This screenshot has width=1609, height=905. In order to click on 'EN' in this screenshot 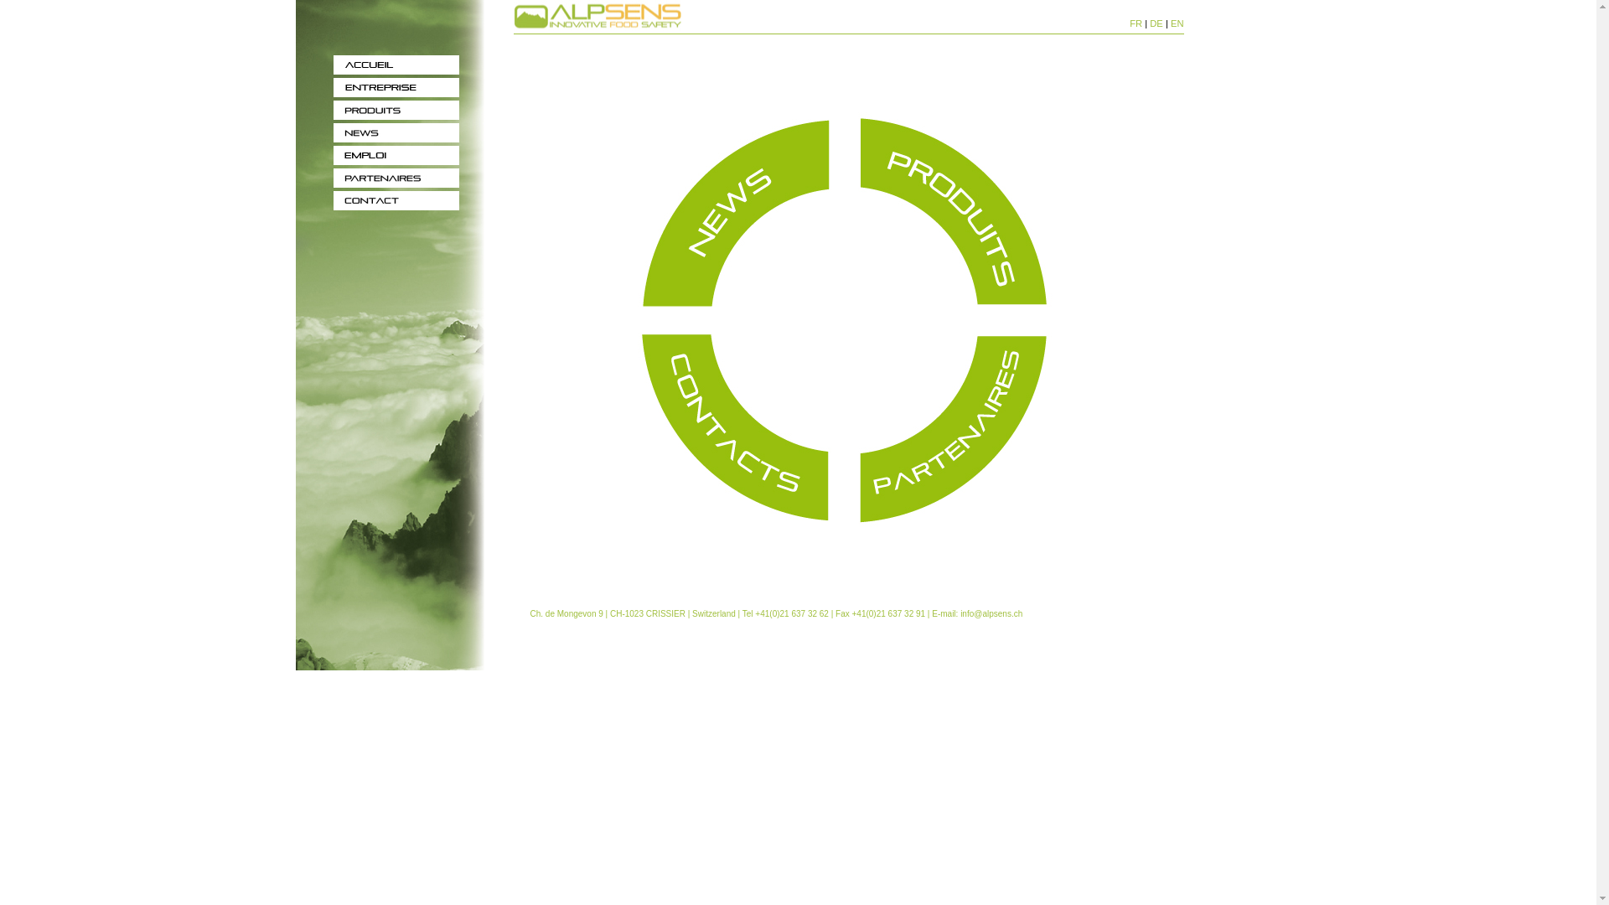, I will do `click(1177, 23)`.